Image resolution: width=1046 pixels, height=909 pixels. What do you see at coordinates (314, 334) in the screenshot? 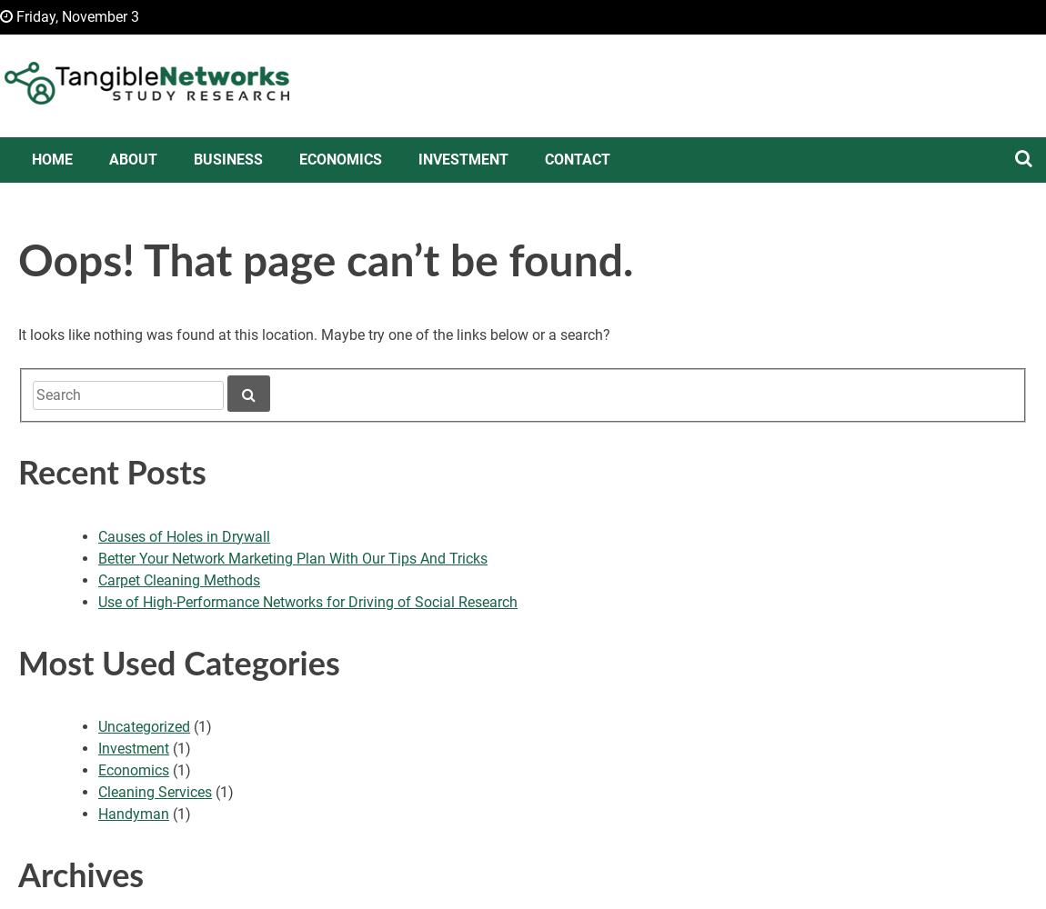
I see `'It looks like nothing was found at this location. Maybe try one of the links below or a search?'` at bounding box center [314, 334].